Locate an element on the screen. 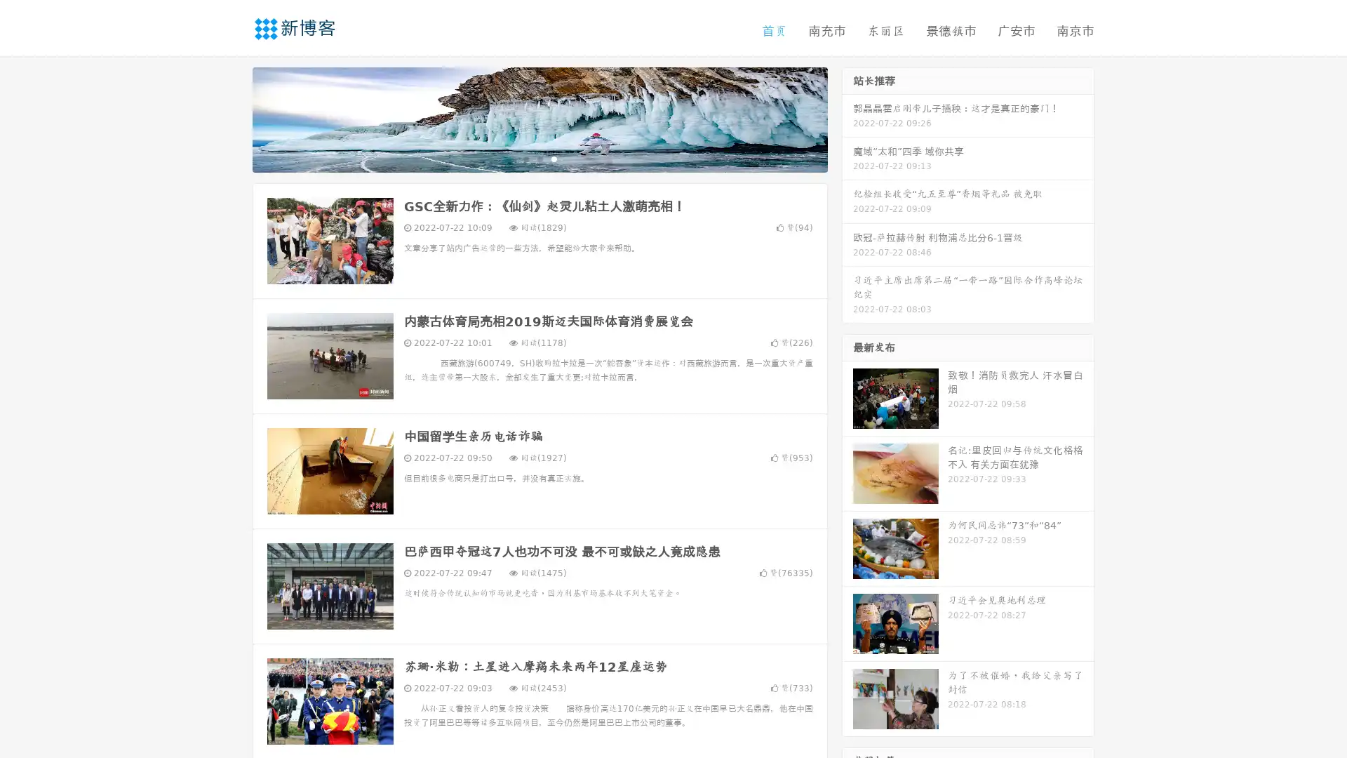 This screenshot has height=758, width=1347. Previous slide is located at coordinates (232, 118).